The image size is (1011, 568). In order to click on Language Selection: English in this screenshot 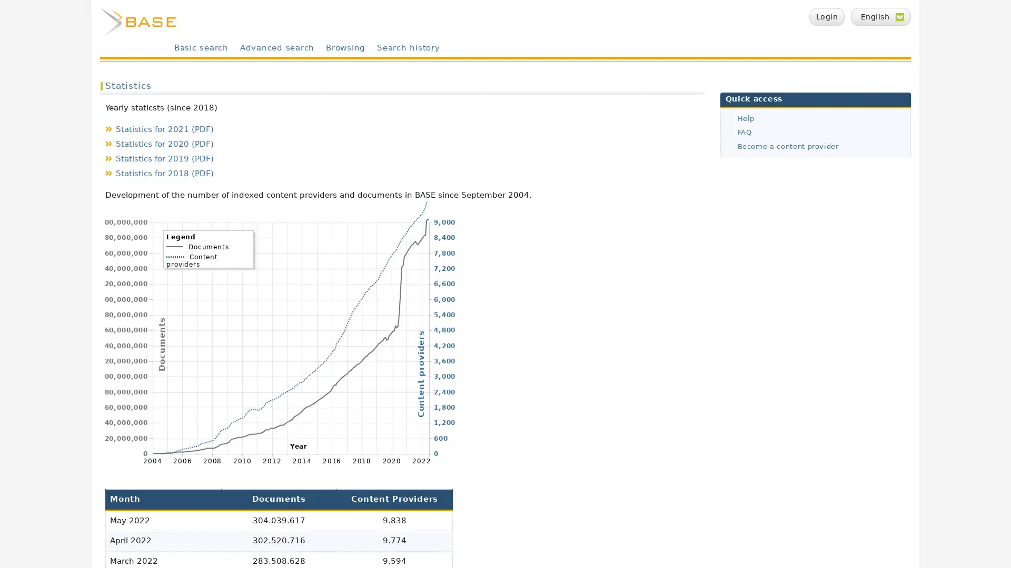, I will do `click(881, 16)`.